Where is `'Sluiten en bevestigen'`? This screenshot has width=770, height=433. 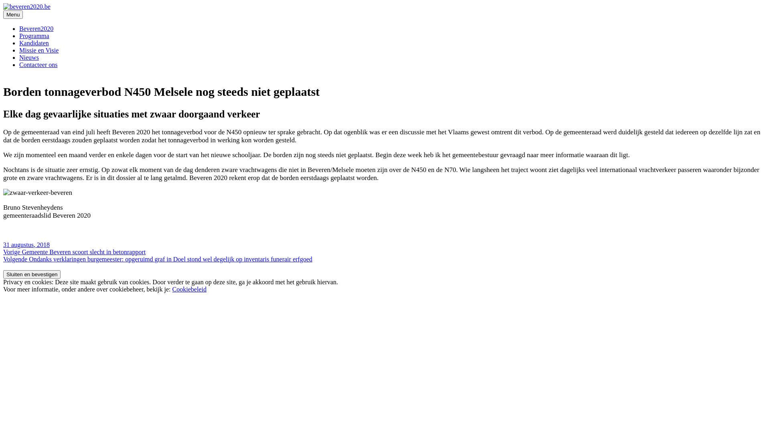
'Sluiten en bevestigen' is located at coordinates (32, 274).